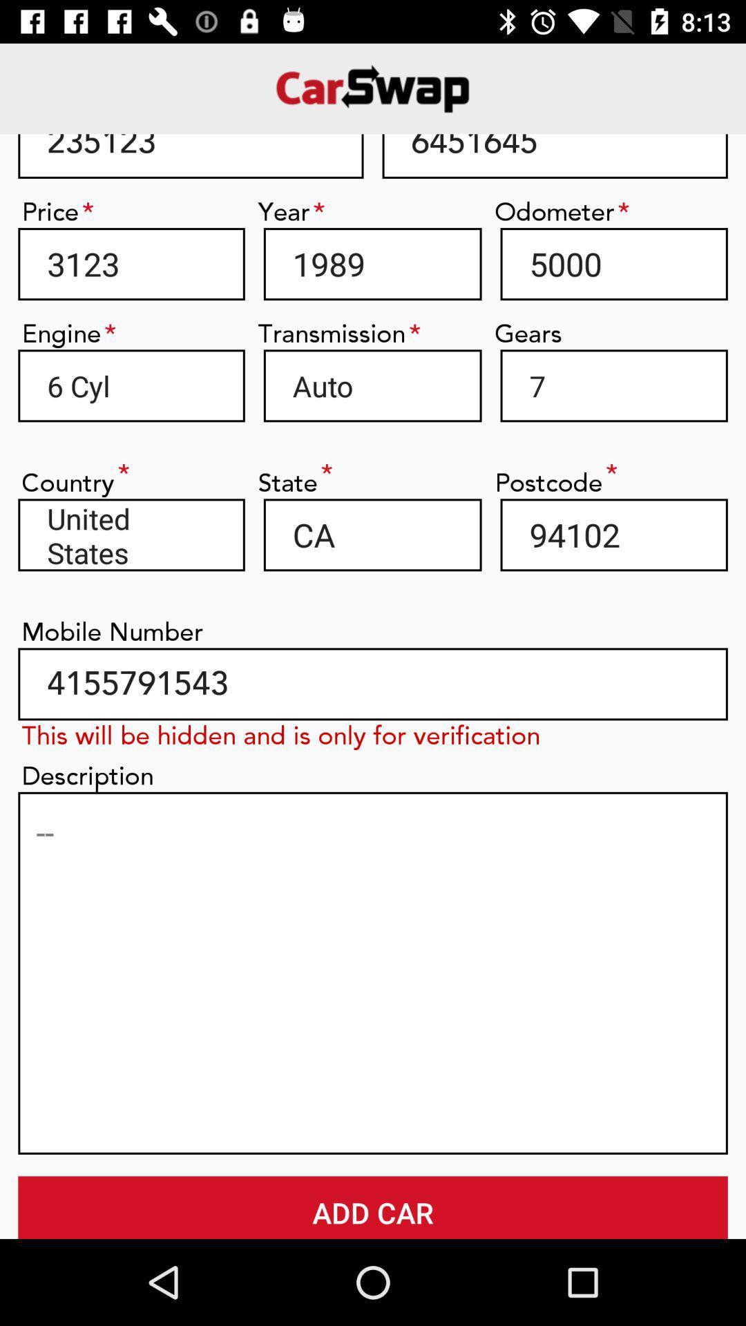 This screenshot has height=1326, width=746. I want to click on item above the gears, so click(613, 264).